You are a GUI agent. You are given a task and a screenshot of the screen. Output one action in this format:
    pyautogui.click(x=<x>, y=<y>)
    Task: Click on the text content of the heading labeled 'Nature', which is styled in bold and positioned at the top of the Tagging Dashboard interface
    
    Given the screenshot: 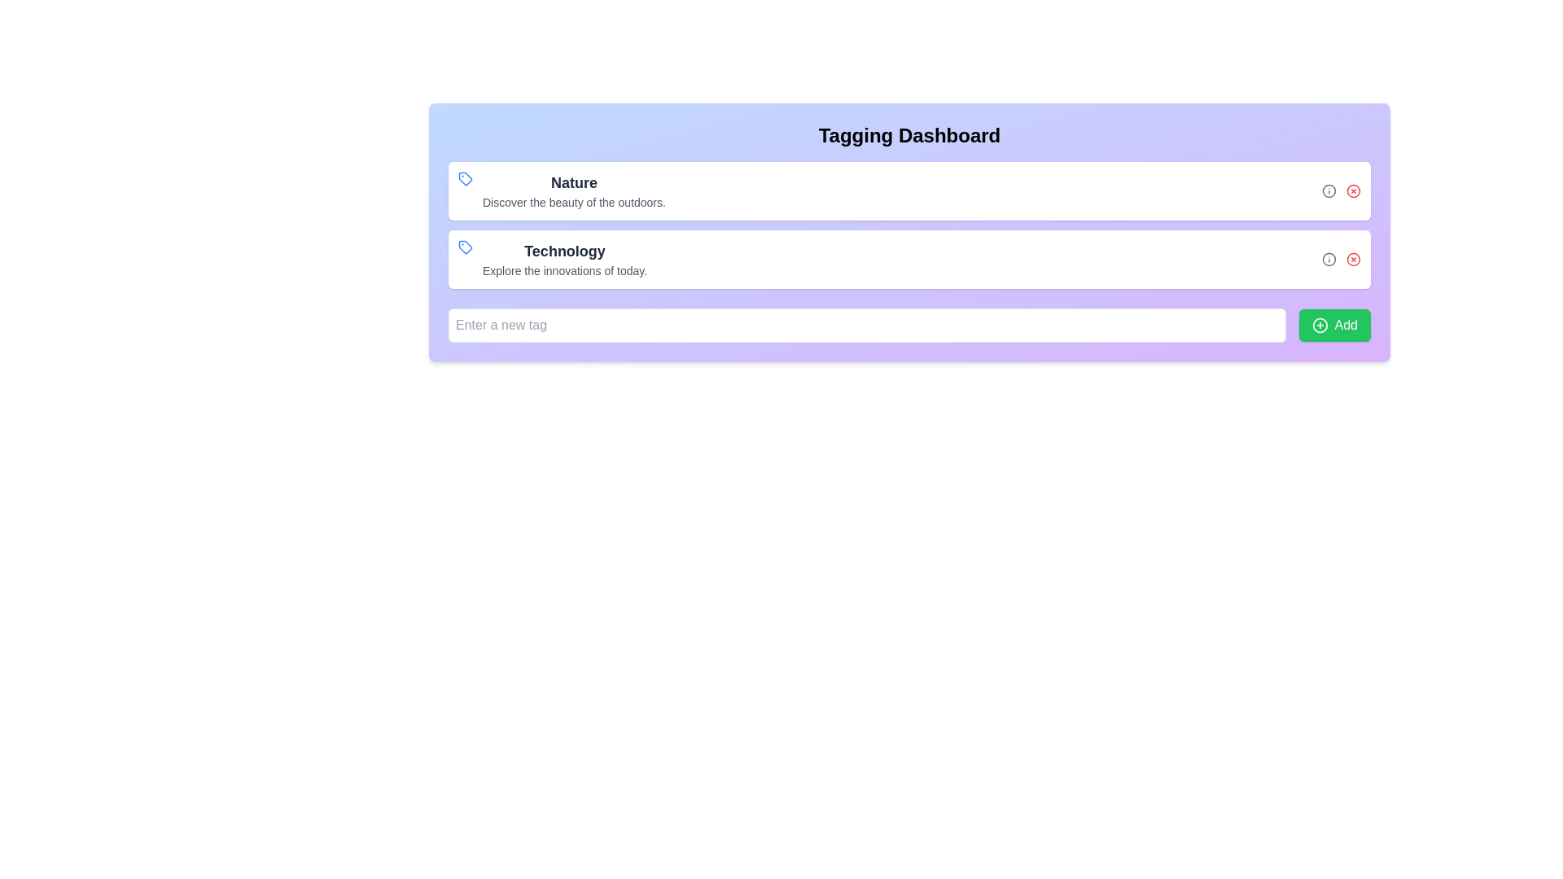 What is the action you would take?
    pyautogui.click(x=574, y=182)
    